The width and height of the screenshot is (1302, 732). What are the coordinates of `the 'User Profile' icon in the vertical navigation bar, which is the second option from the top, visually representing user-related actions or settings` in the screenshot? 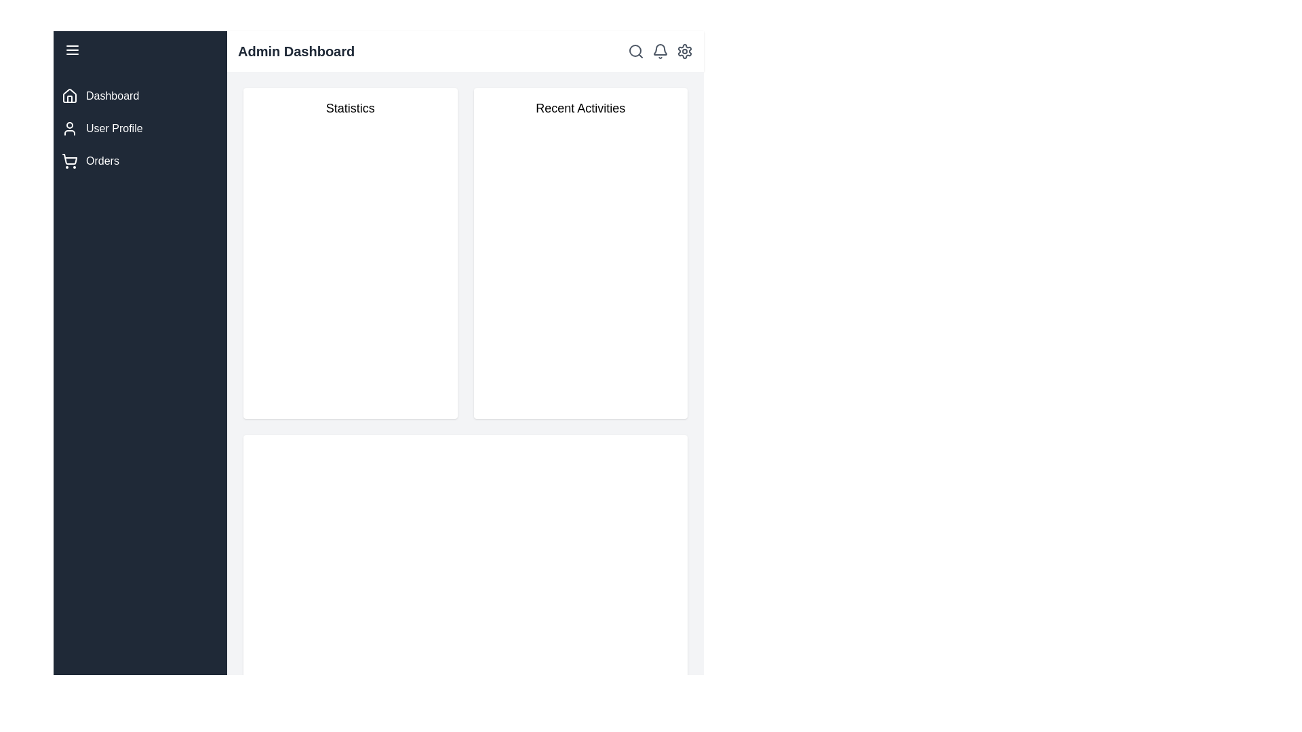 It's located at (68, 128).